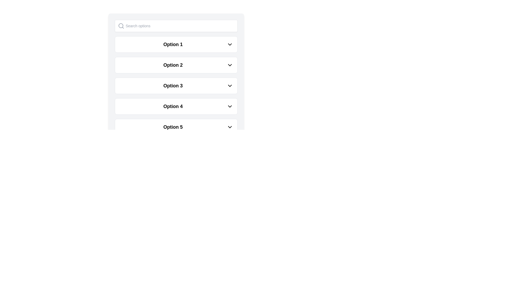  What do you see at coordinates (176, 106) in the screenshot?
I see `the 'Option 4' button with a dropdown function, which has a white background and a downward-pointing chevron icon` at bounding box center [176, 106].